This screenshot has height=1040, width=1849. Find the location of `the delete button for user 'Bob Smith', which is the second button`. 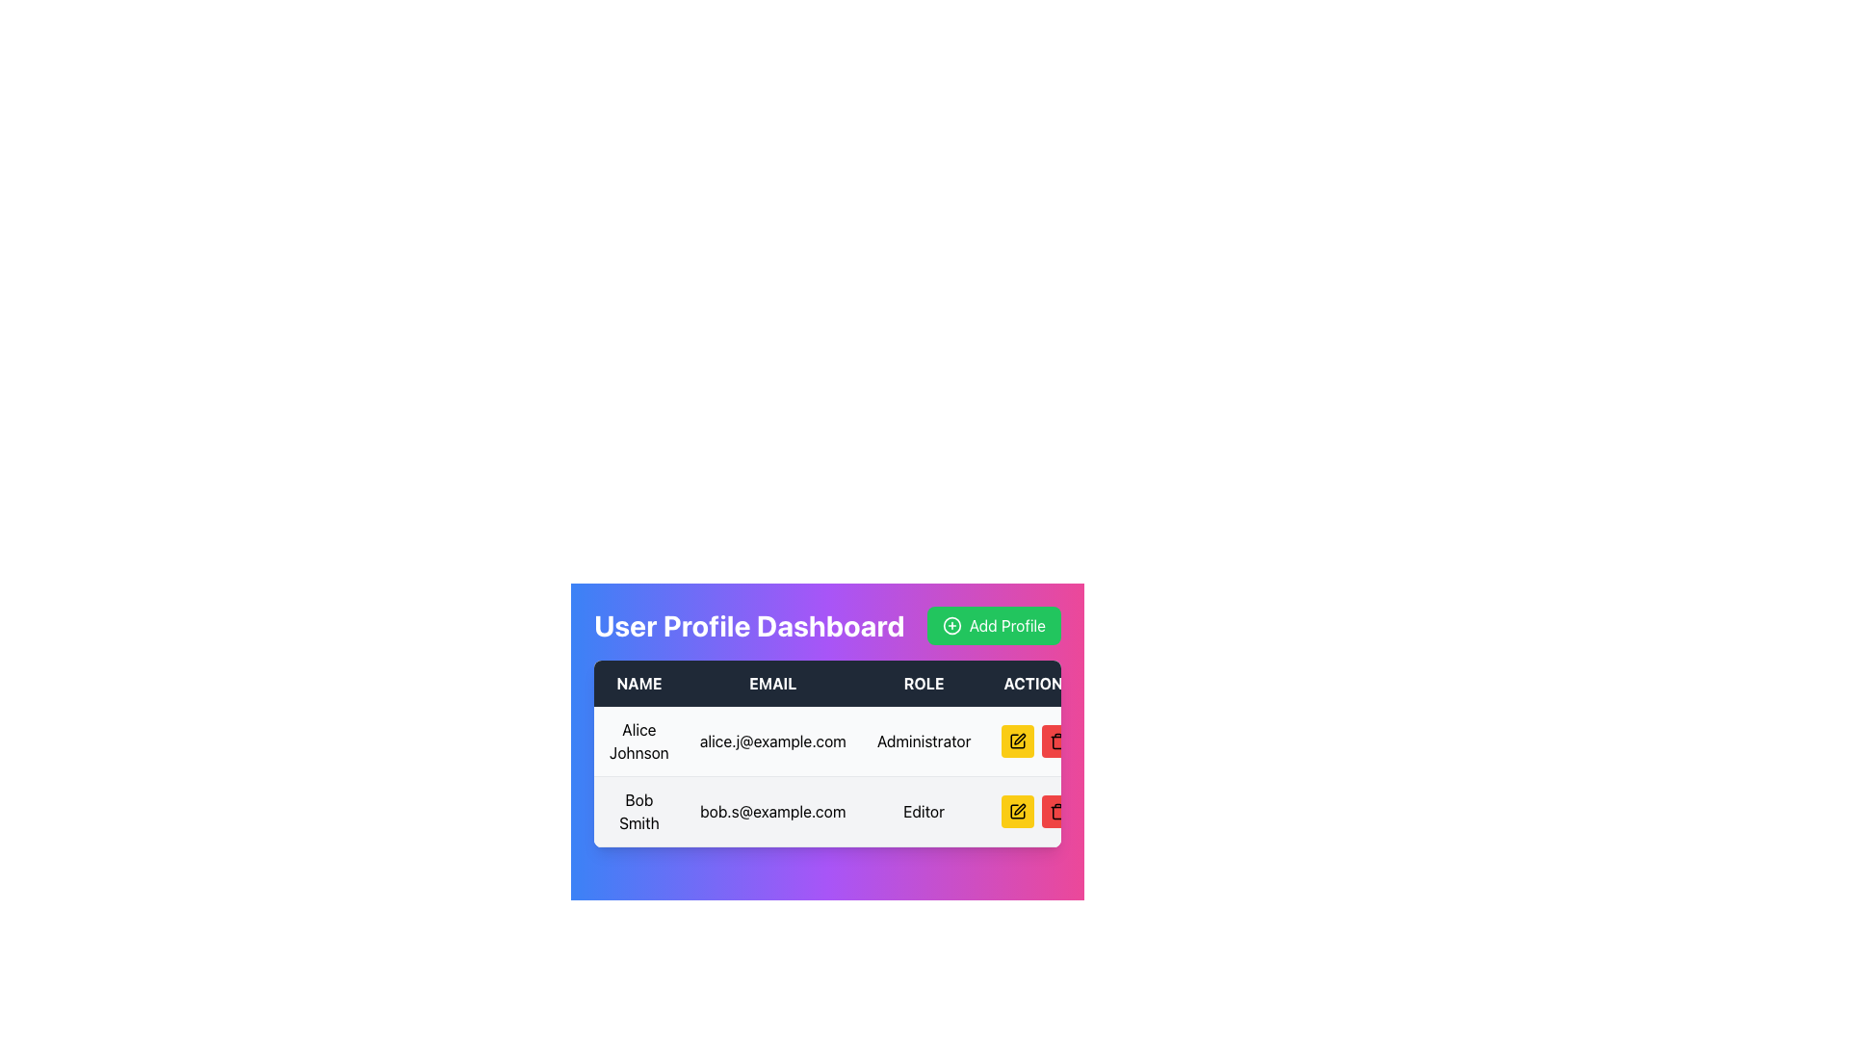

the delete button for user 'Bob Smith', which is the second button is located at coordinates (1057, 812).